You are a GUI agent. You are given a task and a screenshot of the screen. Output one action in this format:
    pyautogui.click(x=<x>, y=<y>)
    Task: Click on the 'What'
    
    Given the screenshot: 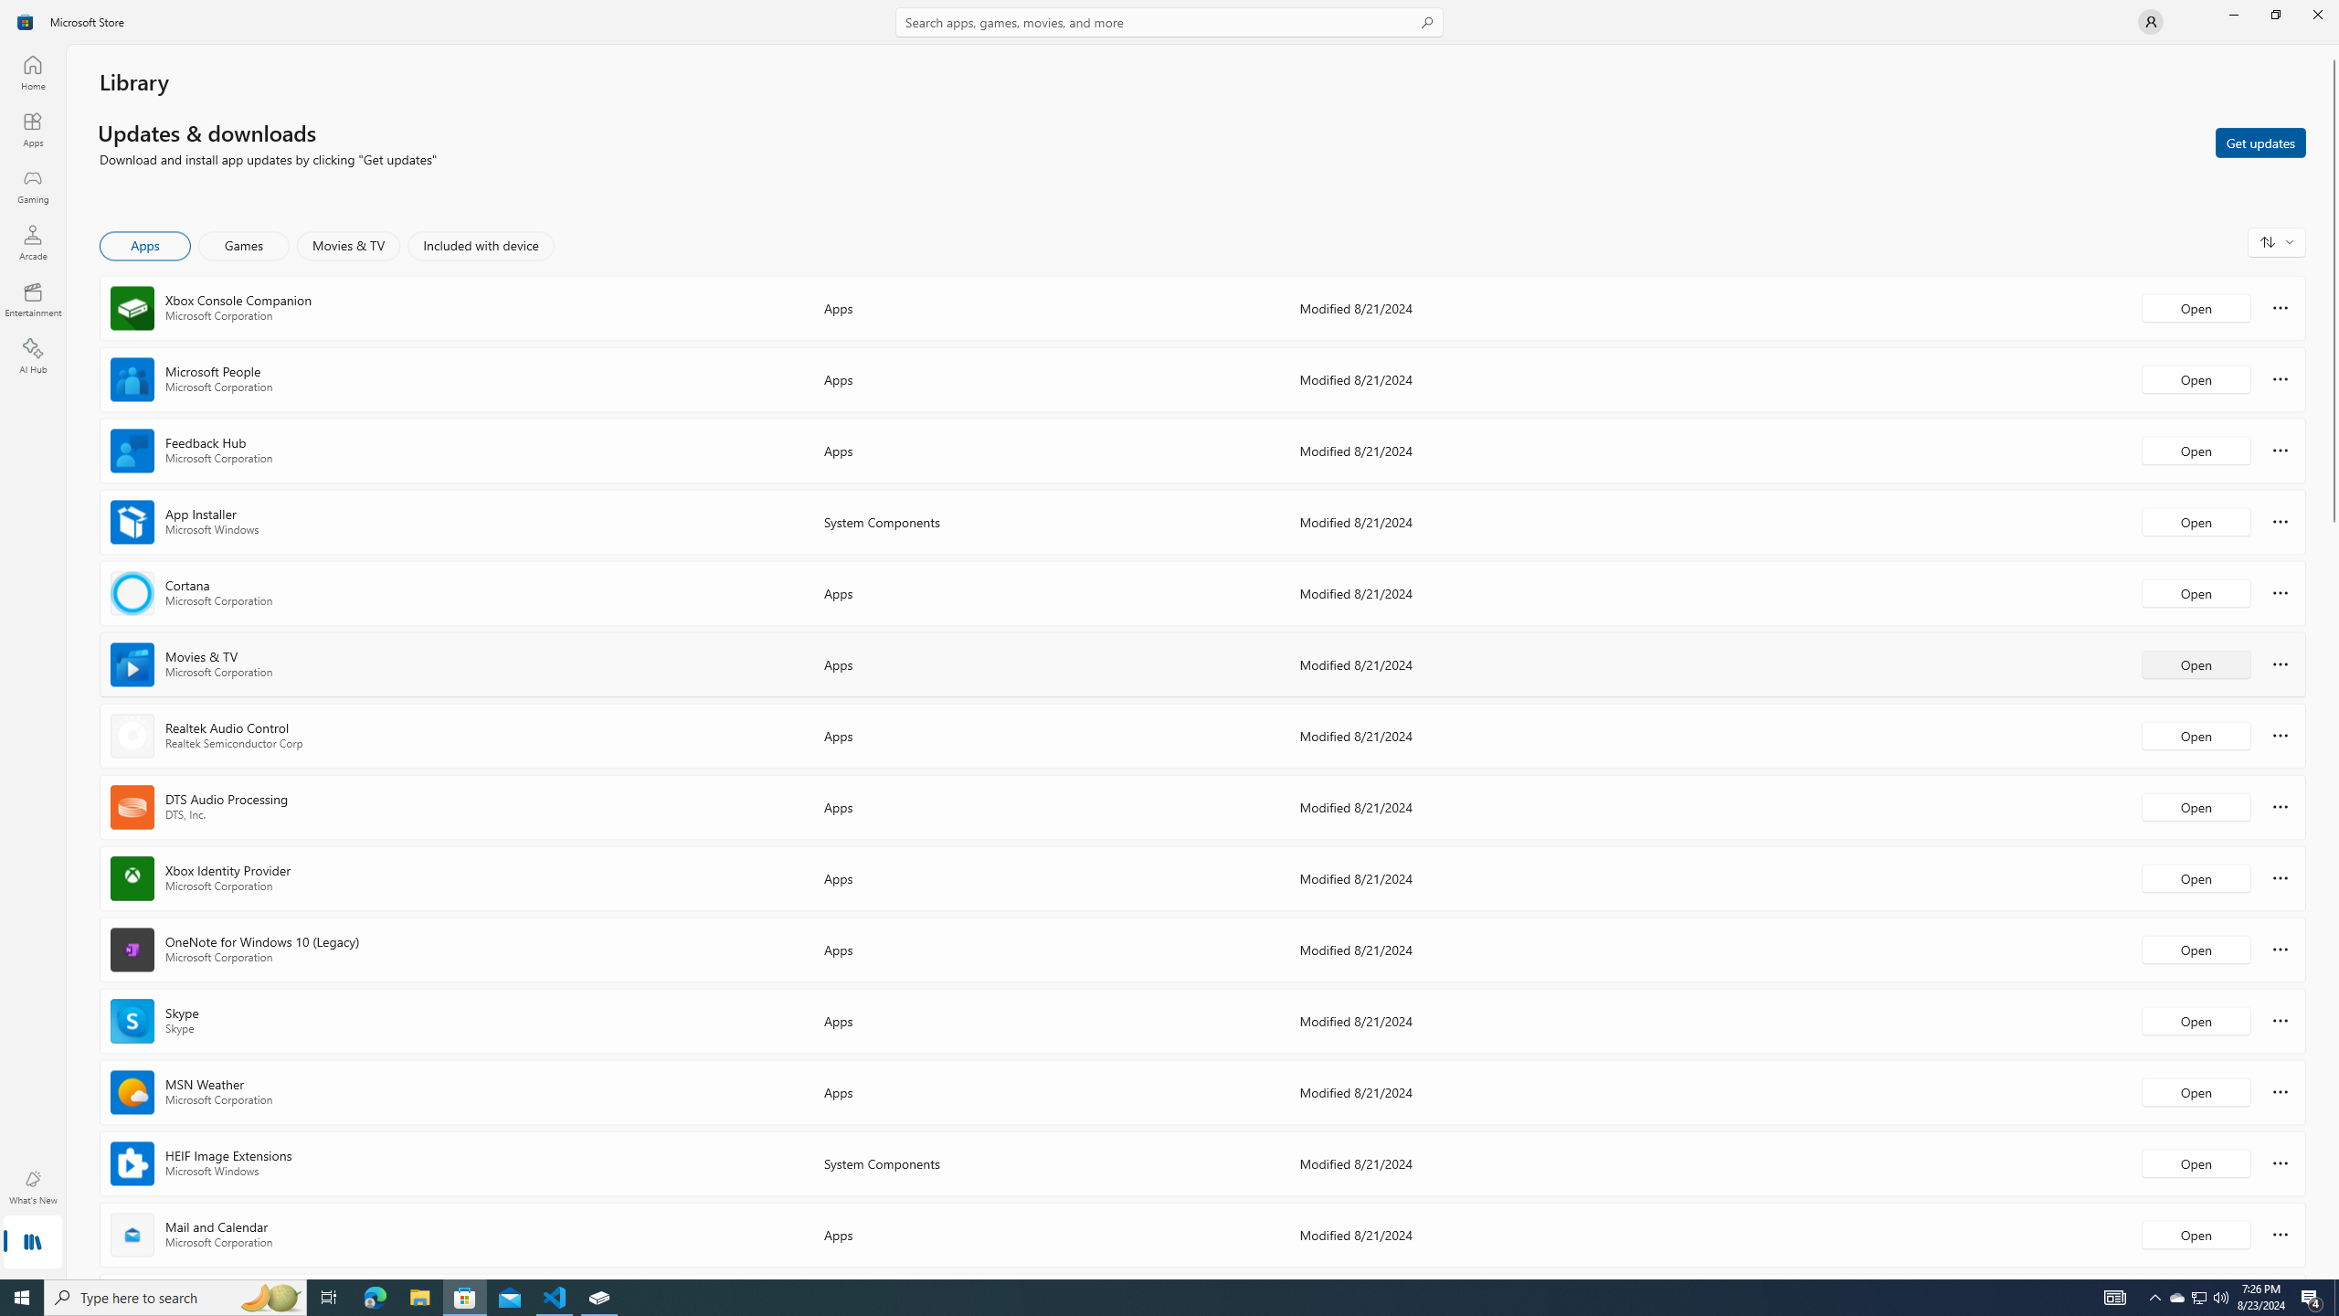 What is the action you would take?
    pyautogui.click(x=31, y=1186)
    